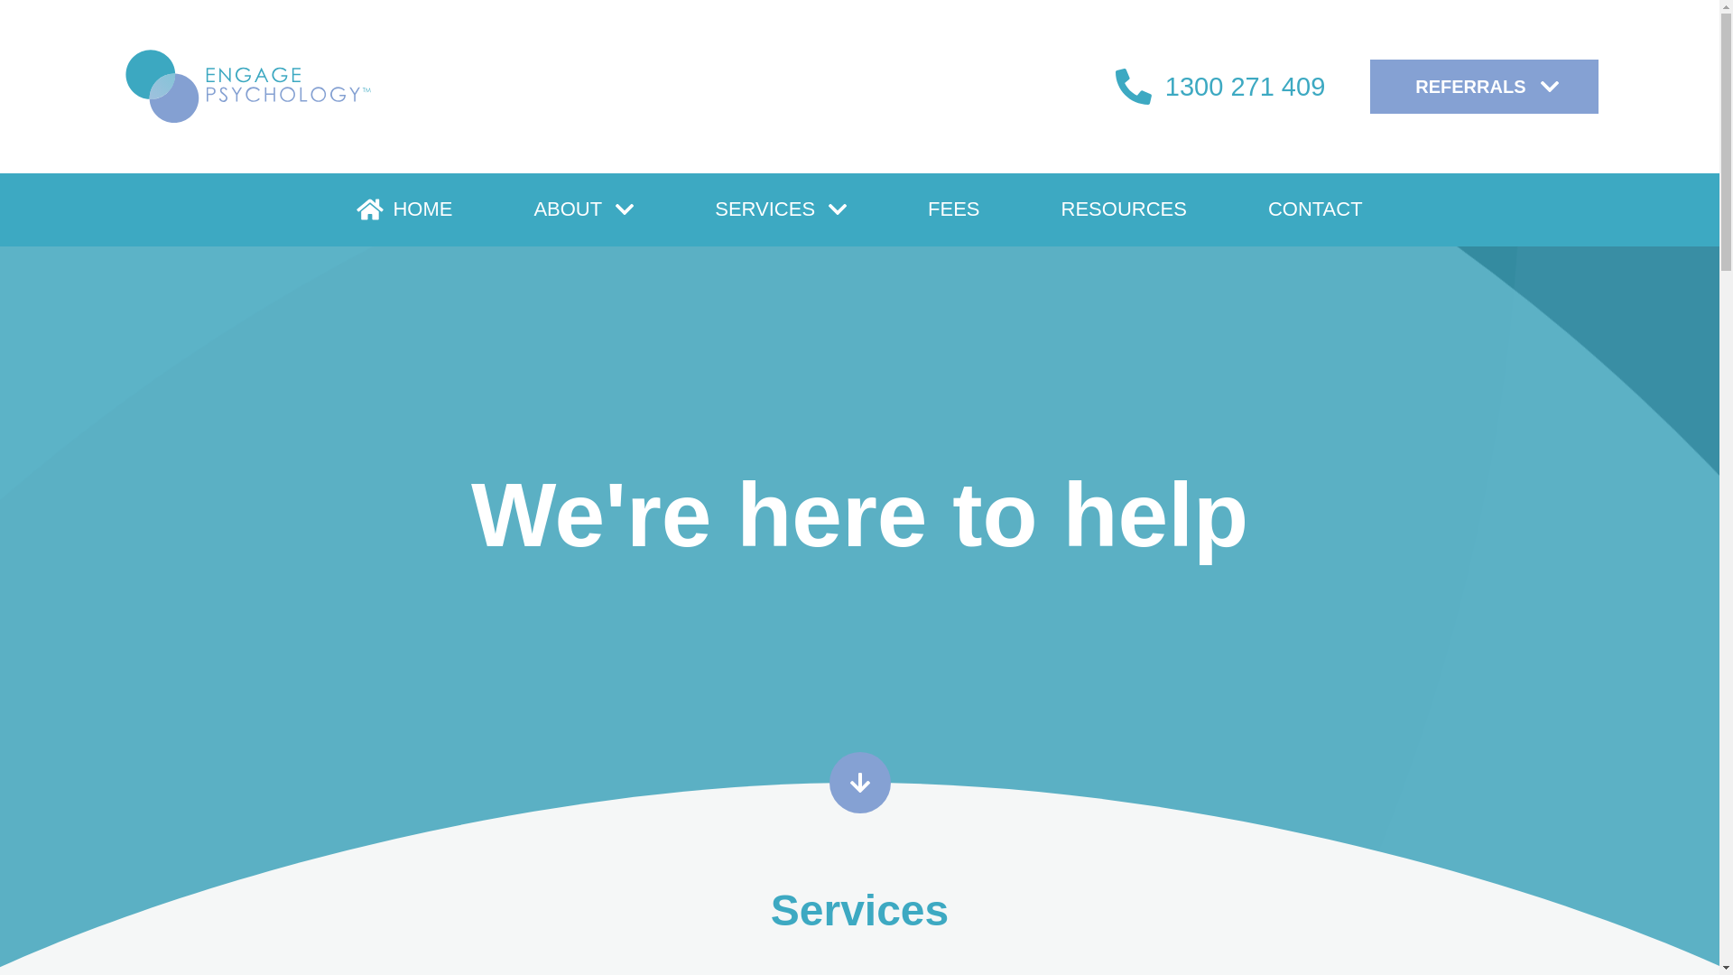  I want to click on 'HOME', so click(403, 209).